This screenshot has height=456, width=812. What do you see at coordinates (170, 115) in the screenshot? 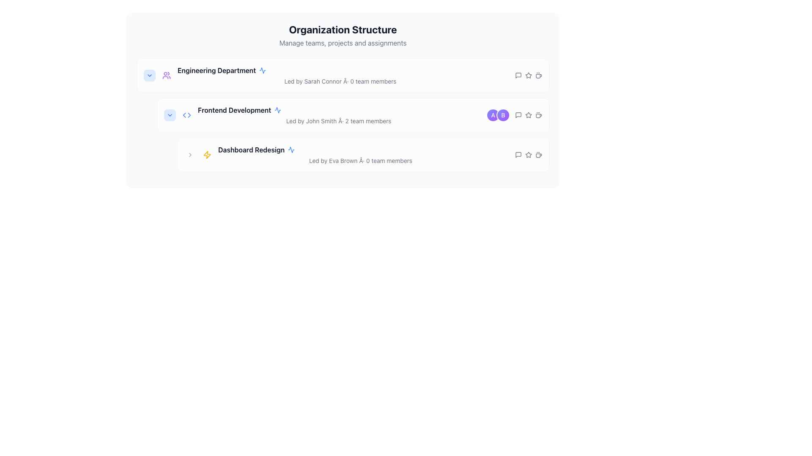
I see `the toggle button` at bounding box center [170, 115].